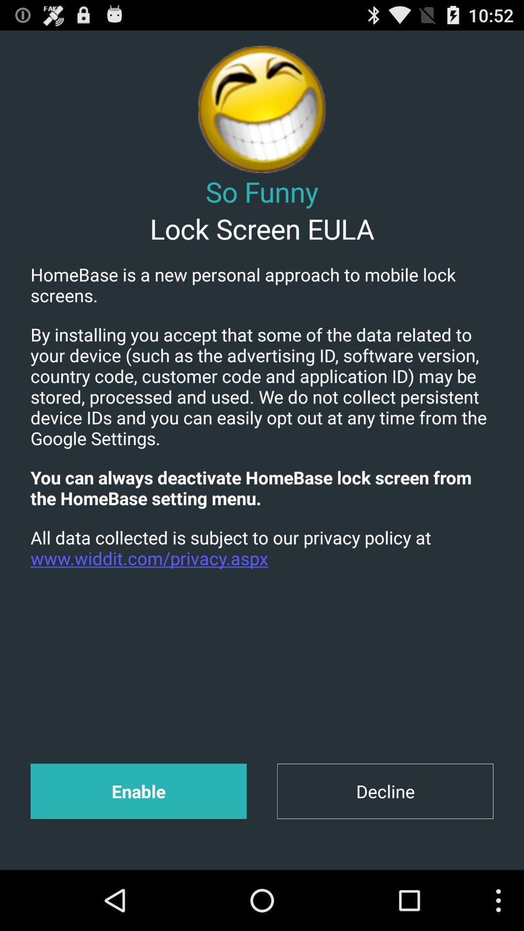 This screenshot has width=524, height=931. What do you see at coordinates (262, 547) in the screenshot?
I see `all data collected app` at bounding box center [262, 547].